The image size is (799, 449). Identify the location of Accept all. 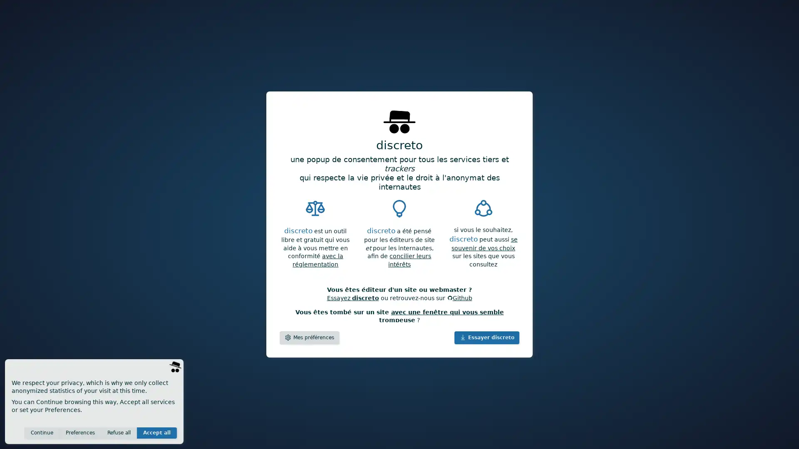
(157, 432).